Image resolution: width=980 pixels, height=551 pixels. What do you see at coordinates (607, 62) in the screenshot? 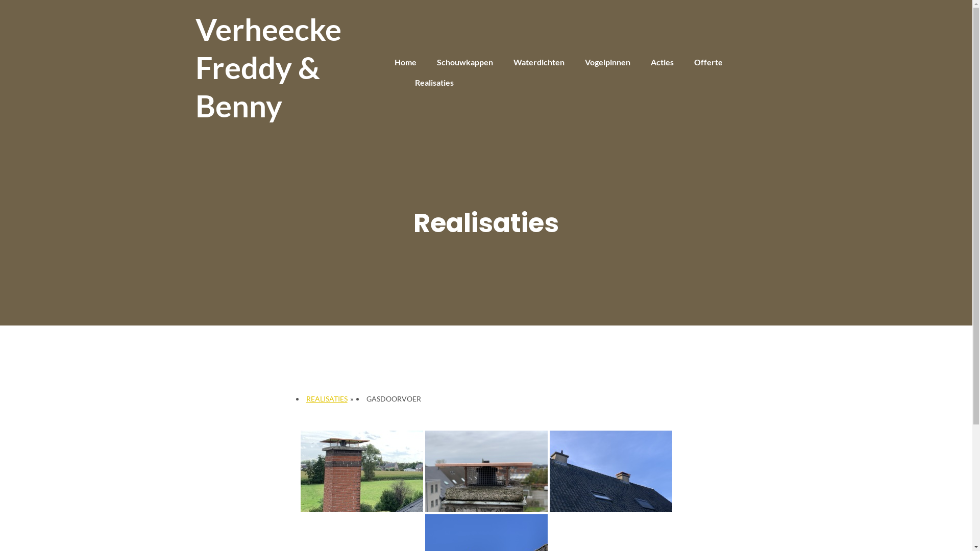
I see `'Vogelpinnen'` at bounding box center [607, 62].